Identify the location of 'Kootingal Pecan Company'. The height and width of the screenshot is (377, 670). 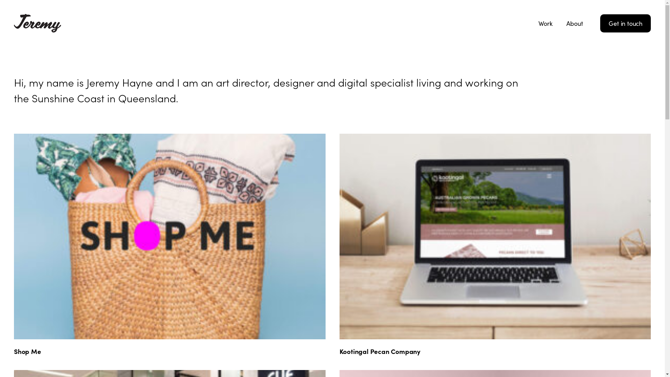
(379, 351).